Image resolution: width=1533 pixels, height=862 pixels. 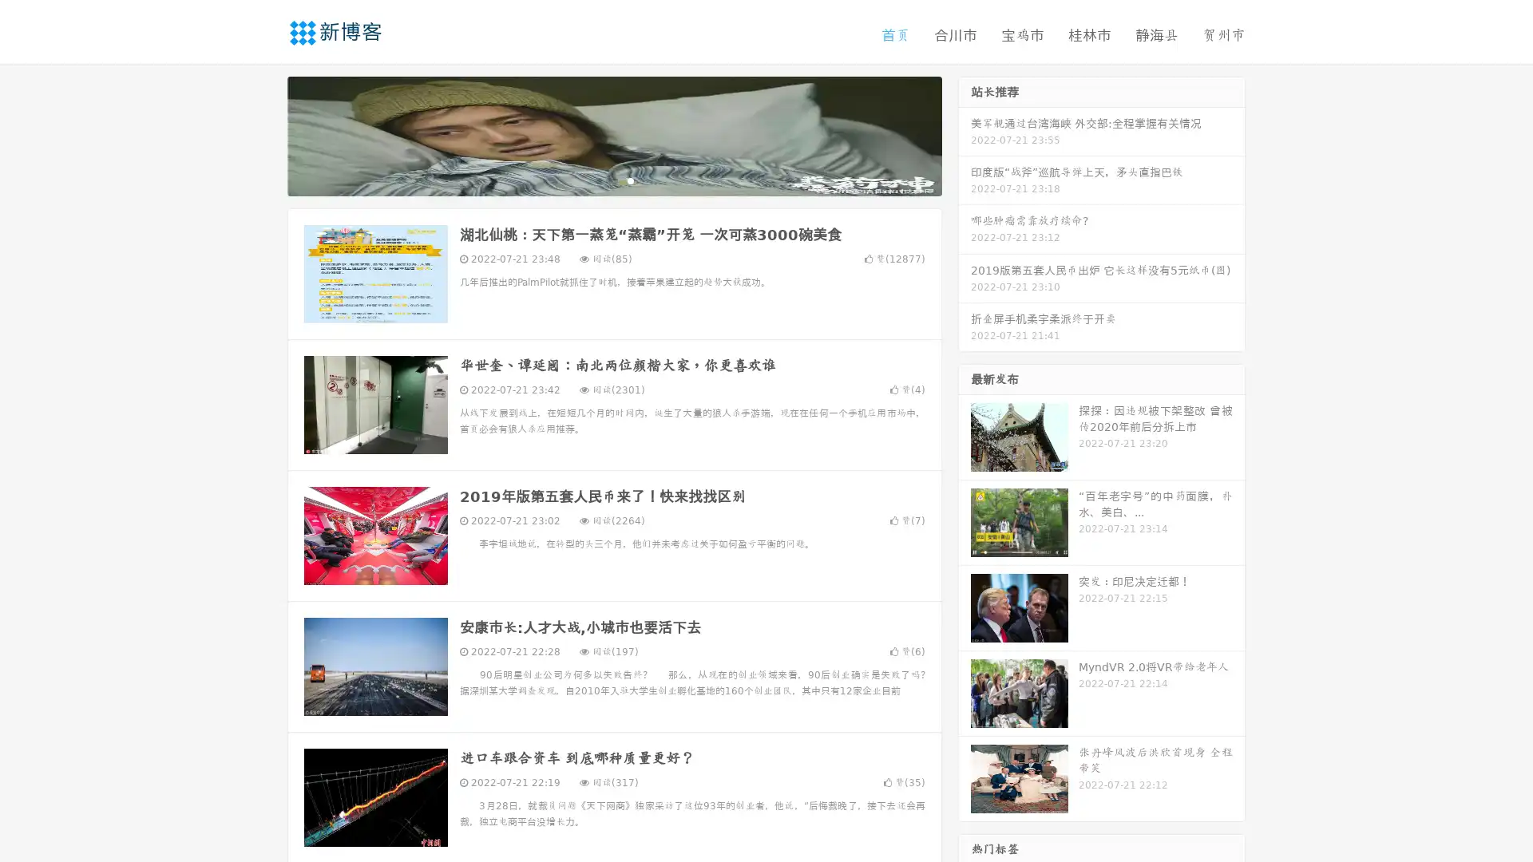 I want to click on Go to slide 2, so click(x=613, y=180).